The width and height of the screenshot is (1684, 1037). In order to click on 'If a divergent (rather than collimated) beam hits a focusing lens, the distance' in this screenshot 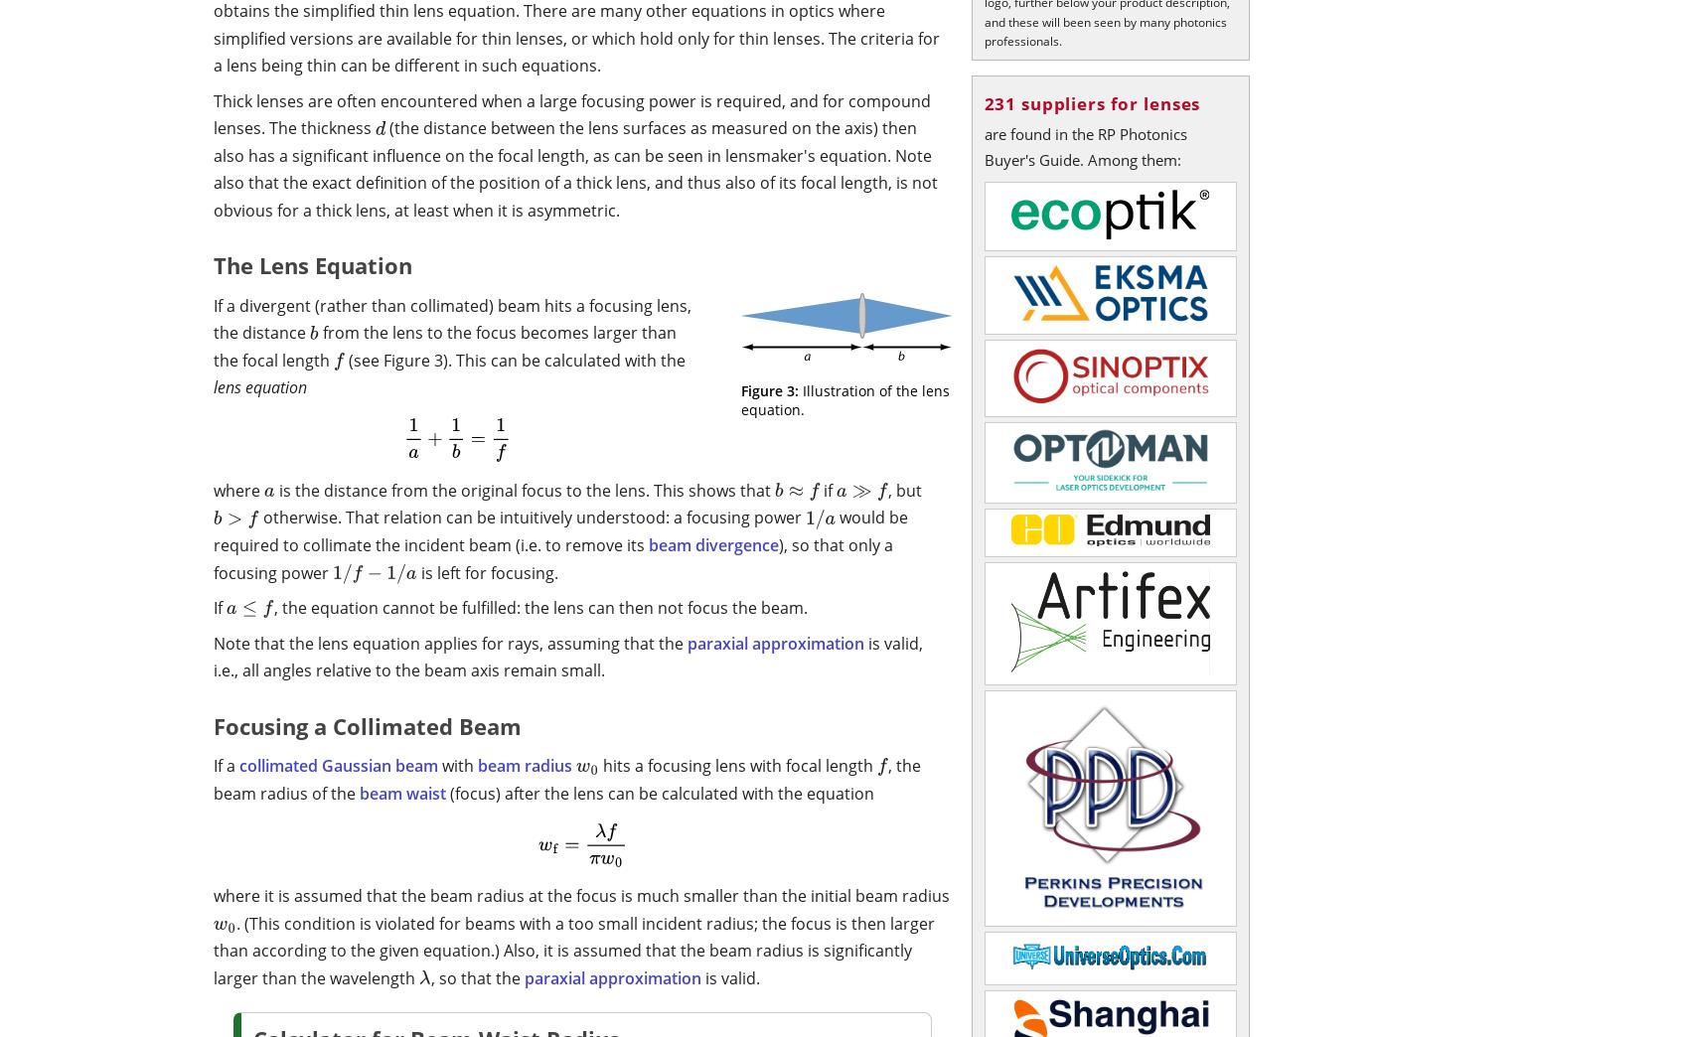, I will do `click(452, 318)`.